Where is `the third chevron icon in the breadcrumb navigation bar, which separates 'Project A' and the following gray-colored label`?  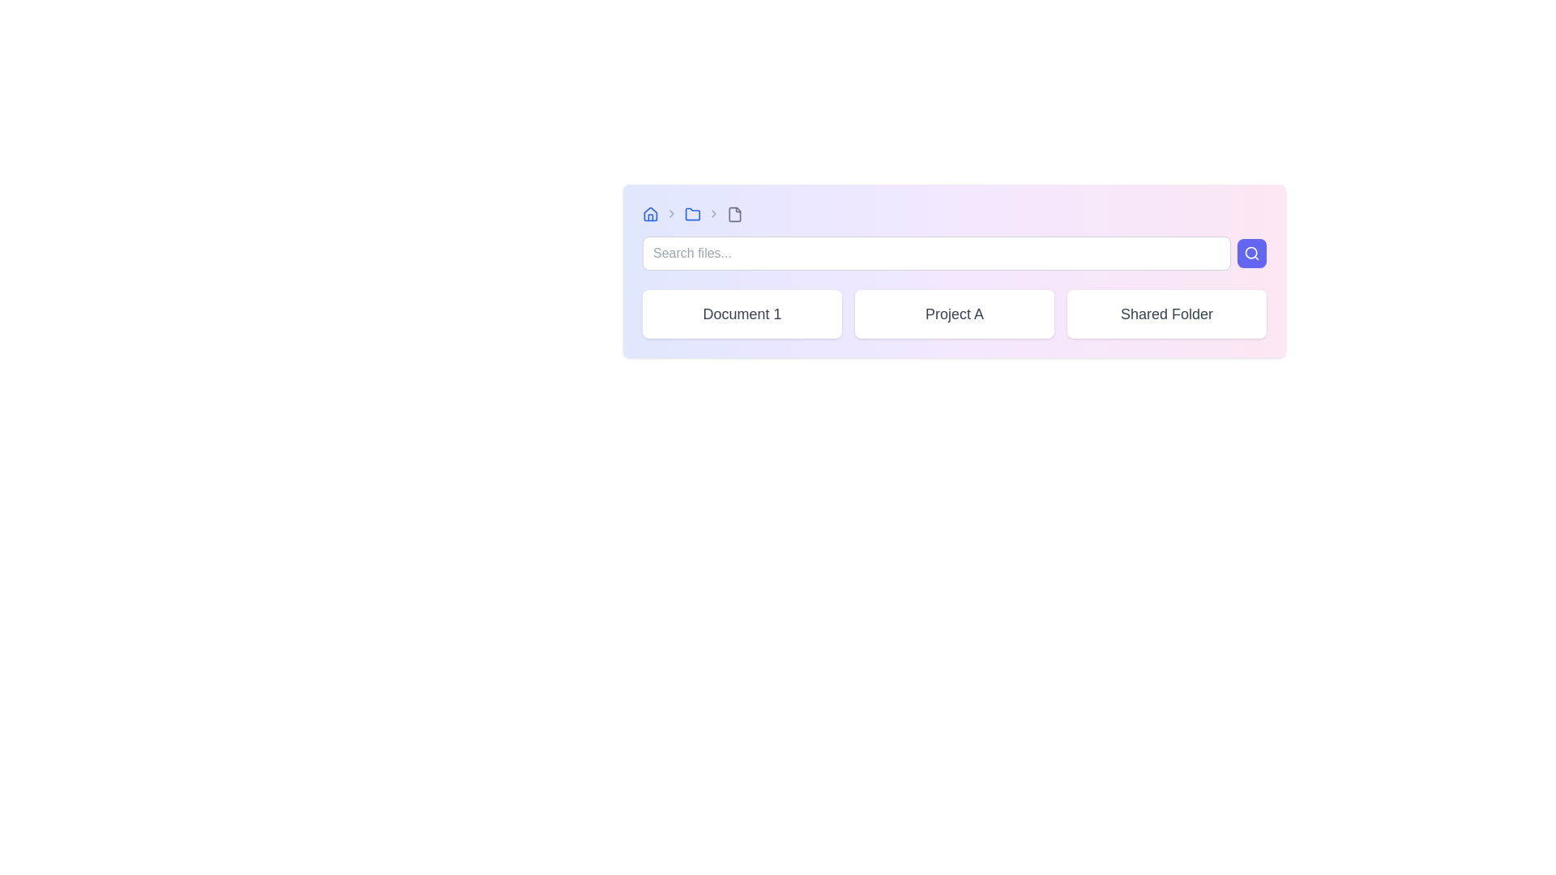
the third chevron icon in the breadcrumb navigation bar, which separates 'Project A' and the following gray-colored label is located at coordinates (713, 212).